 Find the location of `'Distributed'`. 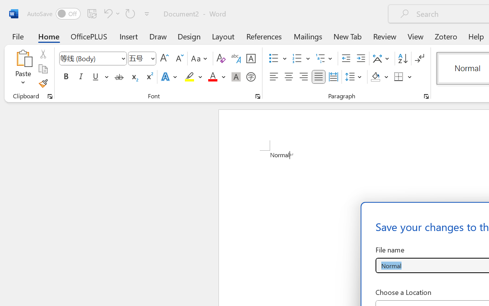

'Distributed' is located at coordinates (333, 77).